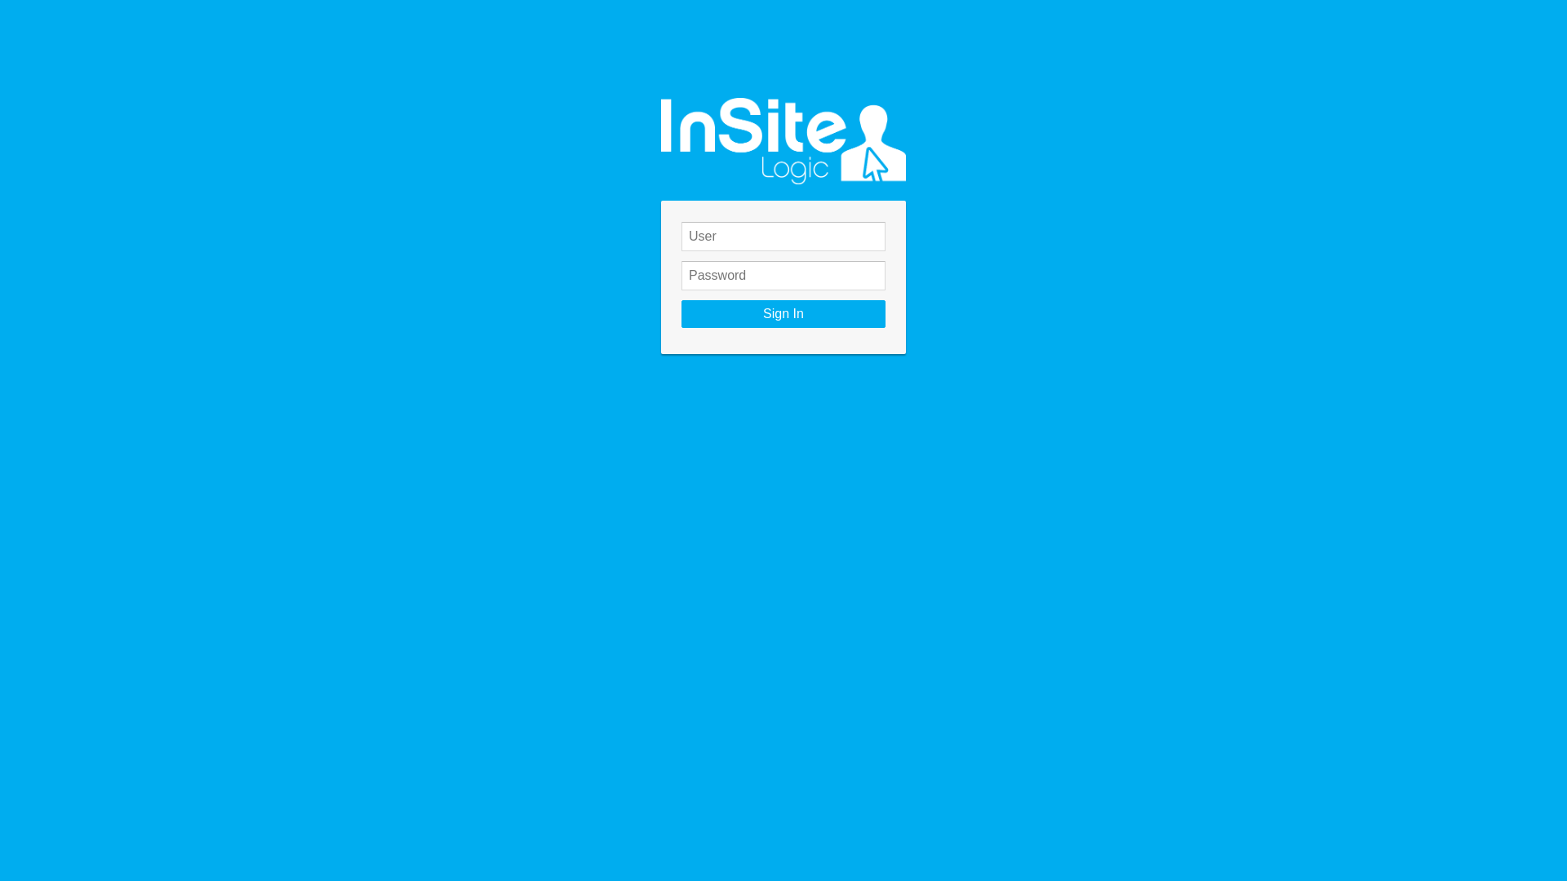  Describe the element at coordinates (783, 314) in the screenshot. I see `'Sign In'` at that location.